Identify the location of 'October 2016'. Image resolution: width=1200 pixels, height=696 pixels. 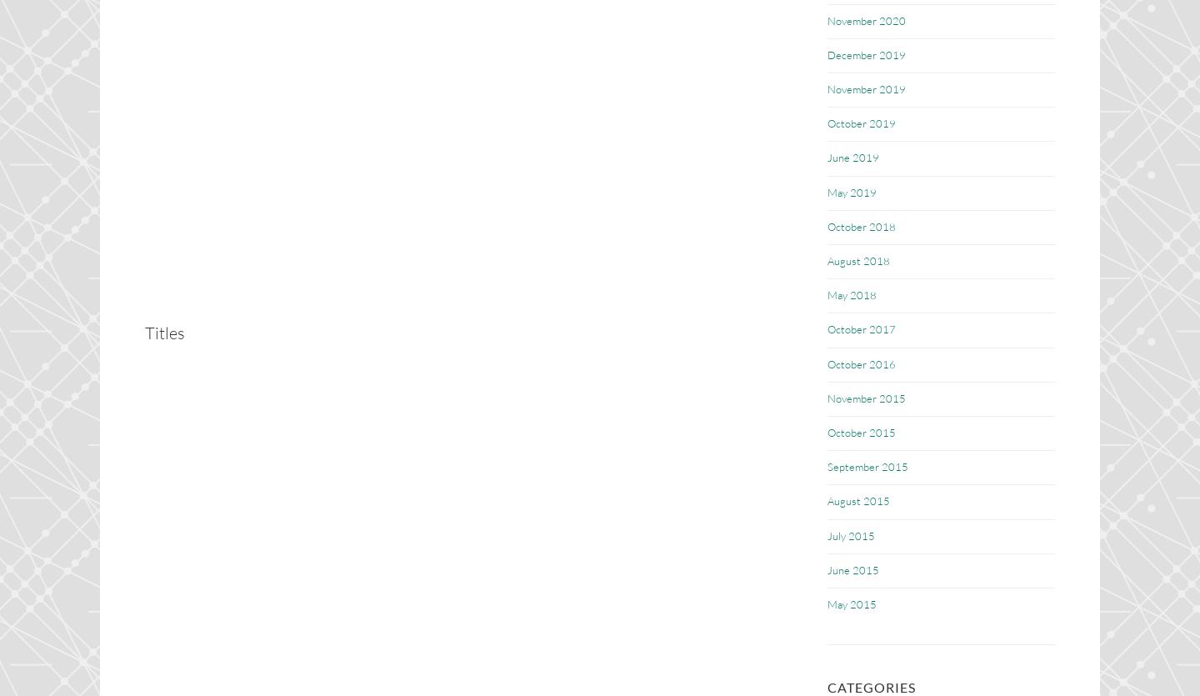
(862, 363).